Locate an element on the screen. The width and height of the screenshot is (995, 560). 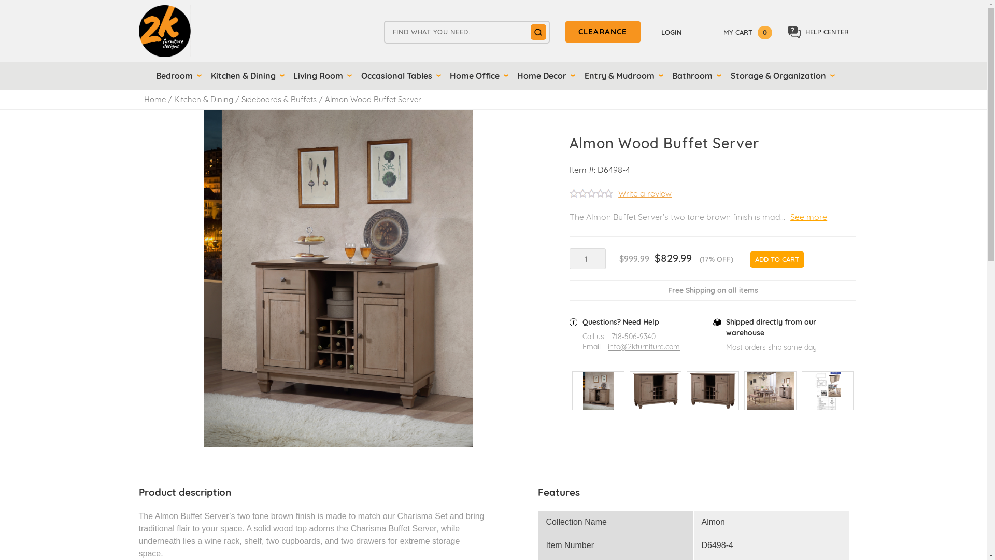
'Write a review' is located at coordinates (644, 193).